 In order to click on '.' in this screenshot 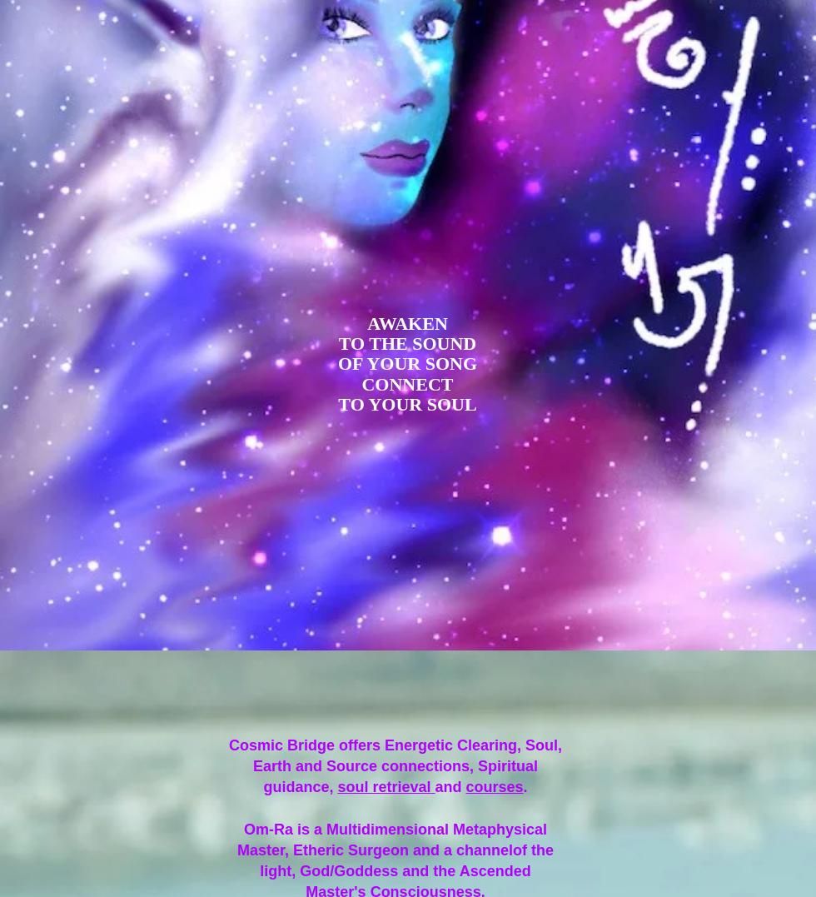, I will do `click(525, 785)`.